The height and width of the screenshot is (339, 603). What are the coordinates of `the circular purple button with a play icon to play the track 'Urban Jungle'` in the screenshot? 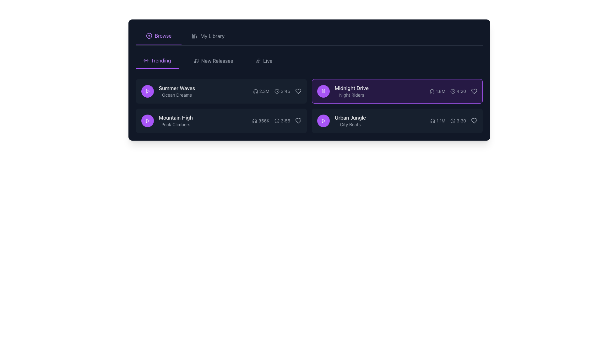 It's located at (323, 121).